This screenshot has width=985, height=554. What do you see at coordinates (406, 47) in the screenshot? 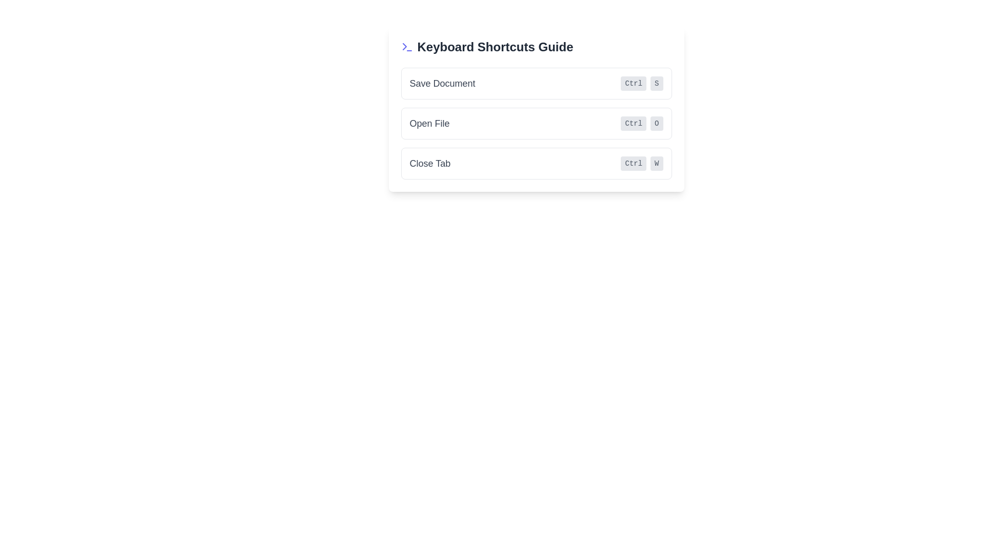
I see `the terminal icon located to the left of the text 'Keyboard Shortcuts Guide'` at bounding box center [406, 47].